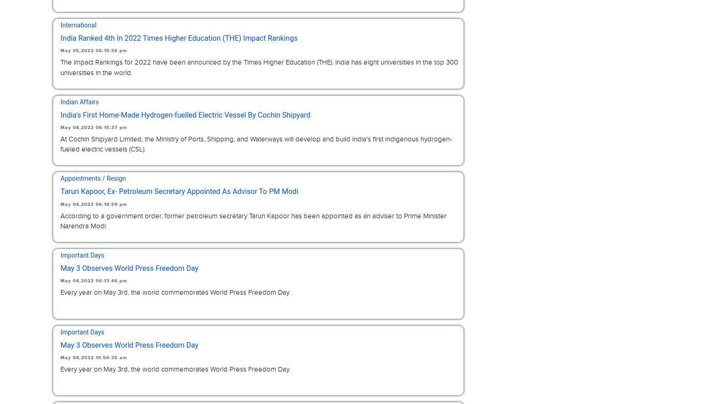 Image resolution: width=710 pixels, height=404 pixels. Describe the element at coordinates (60, 24) in the screenshot. I see `'International'` at that location.